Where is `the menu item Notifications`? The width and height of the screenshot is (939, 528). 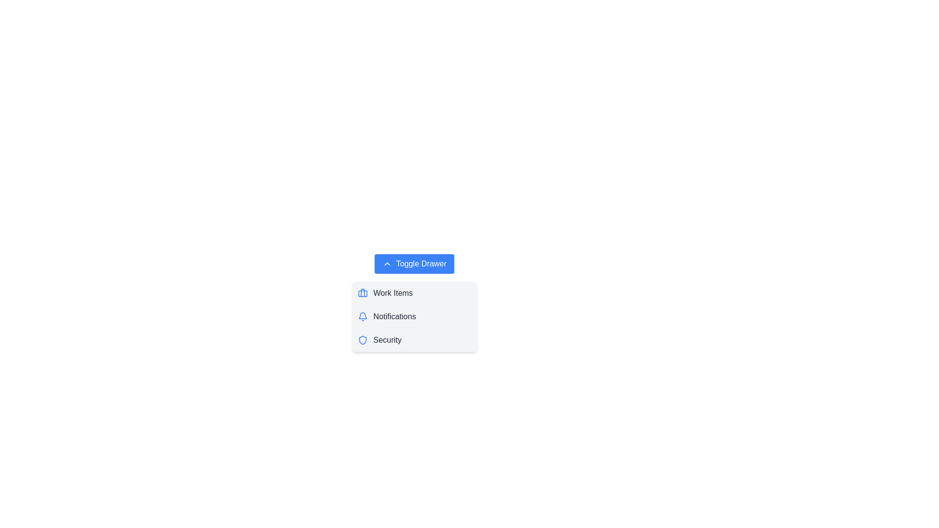 the menu item Notifications is located at coordinates (414, 317).